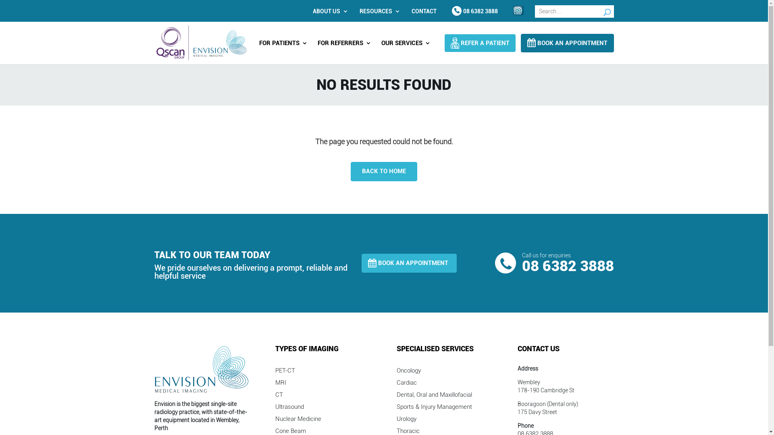 Image resolution: width=774 pixels, height=435 pixels. What do you see at coordinates (285, 372) in the screenshot?
I see `'PET-CT'` at bounding box center [285, 372].